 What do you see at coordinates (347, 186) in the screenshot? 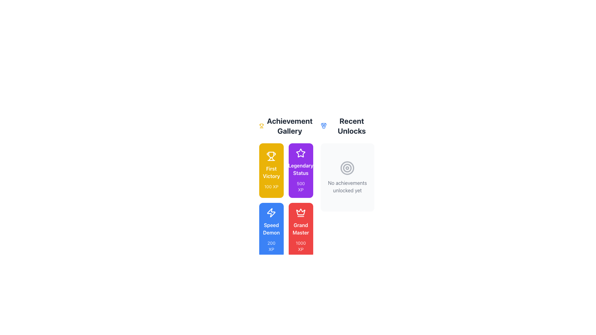
I see `the text label that reads 'No achievements unlocked yet', which is styled in gray and located below the circular target icon in the 'Recent Unlocks' section` at bounding box center [347, 186].